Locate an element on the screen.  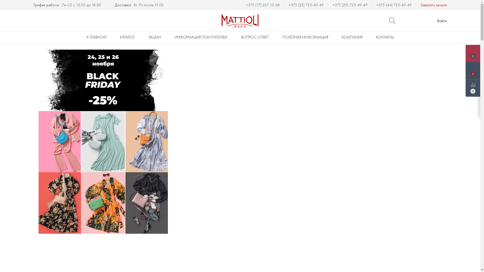
'+375 (29) 720-49-49' is located at coordinates (351, 5).